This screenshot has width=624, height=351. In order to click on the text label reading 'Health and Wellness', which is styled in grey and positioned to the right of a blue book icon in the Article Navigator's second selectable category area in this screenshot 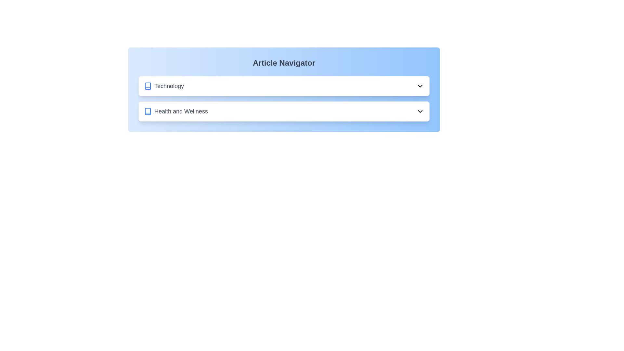, I will do `click(181, 111)`.